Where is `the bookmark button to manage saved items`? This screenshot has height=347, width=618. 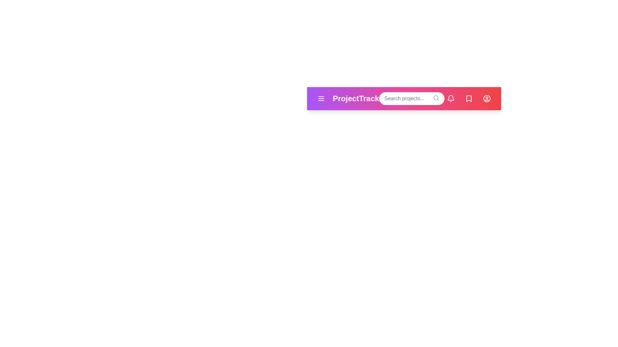
the bookmark button to manage saved items is located at coordinates (469, 99).